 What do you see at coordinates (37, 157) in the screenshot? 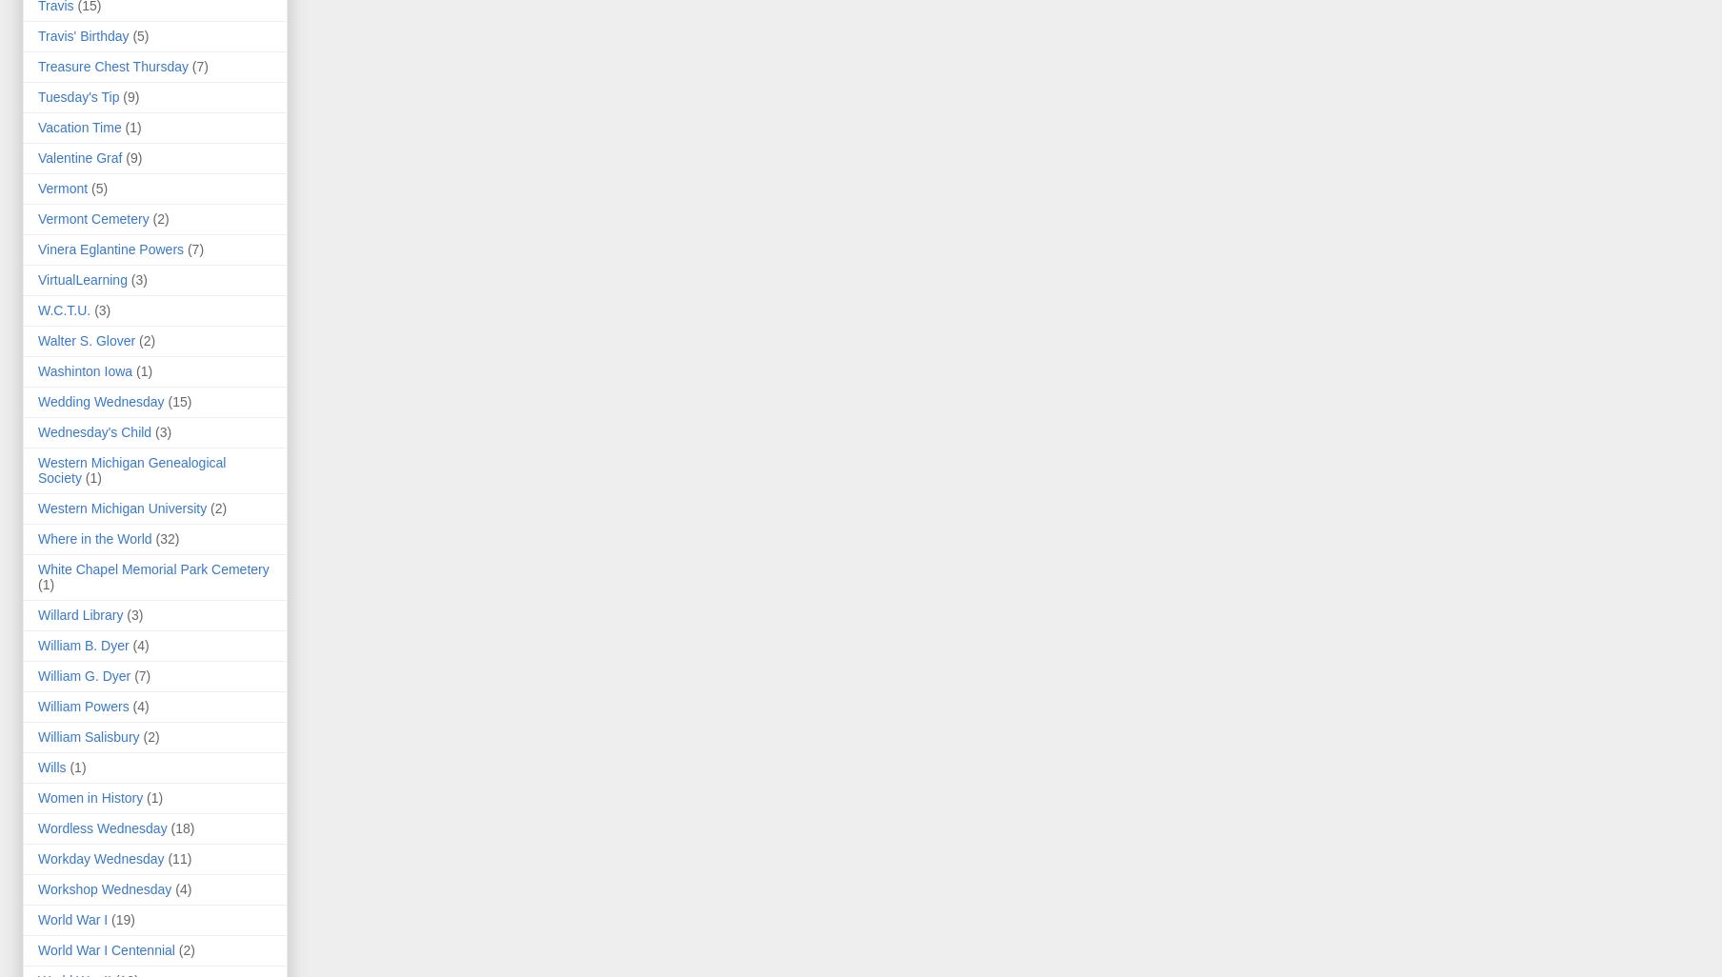
I see `'Valentine Graf'` at bounding box center [37, 157].